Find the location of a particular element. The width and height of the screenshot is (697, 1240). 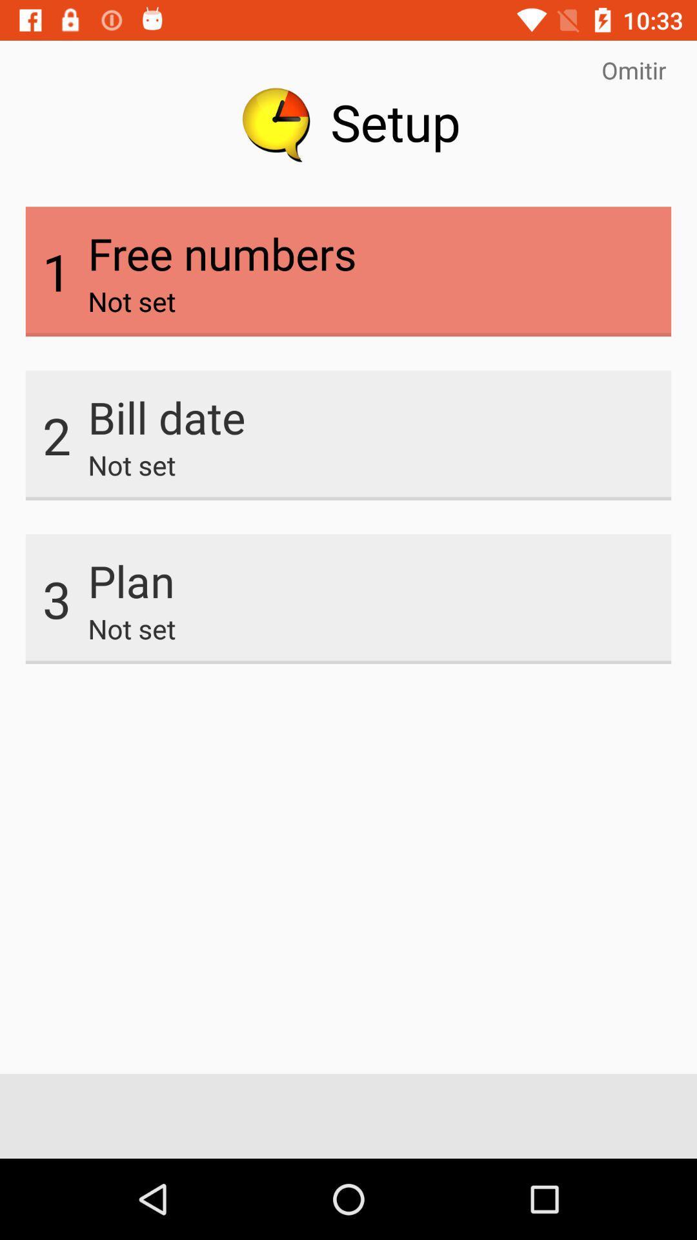

the icon above free numbers icon is located at coordinates (633, 69).